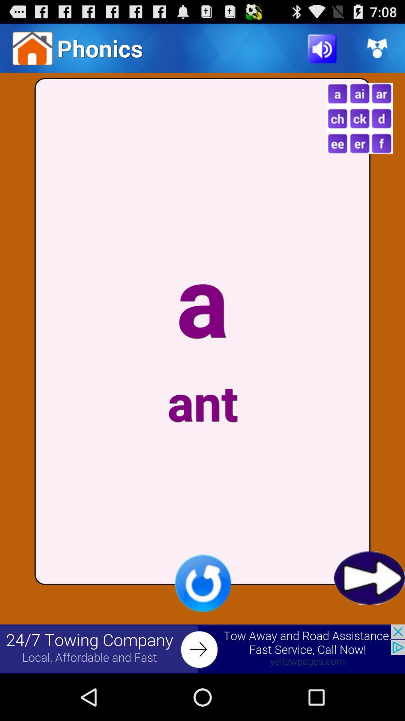 The width and height of the screenshot is (405, 721). Describe the element at coordinates (202, 649) in the screenshot. I see `click on the advertisement` at that location.